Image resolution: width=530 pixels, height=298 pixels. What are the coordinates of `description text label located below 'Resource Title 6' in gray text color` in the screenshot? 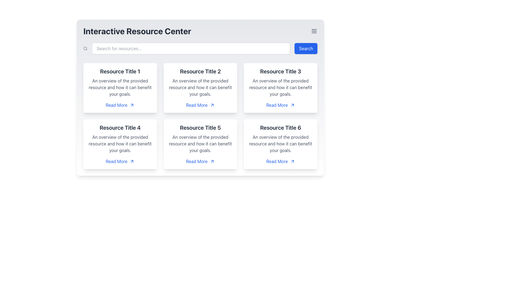 It's located at (280, 143).